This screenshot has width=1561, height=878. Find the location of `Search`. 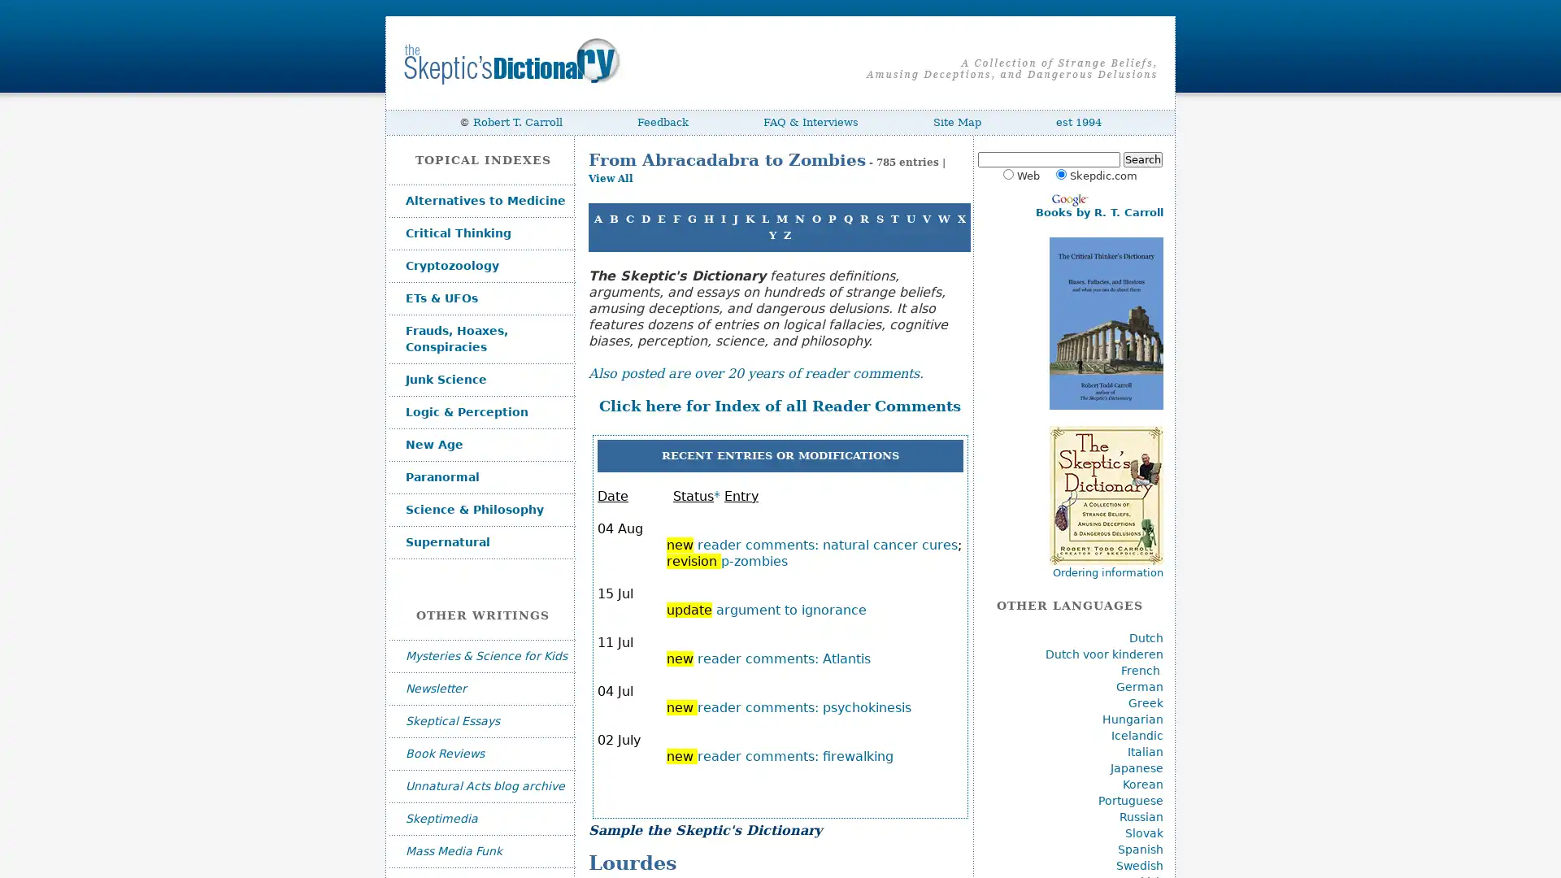

Search is located at coordinates (1141, 159).